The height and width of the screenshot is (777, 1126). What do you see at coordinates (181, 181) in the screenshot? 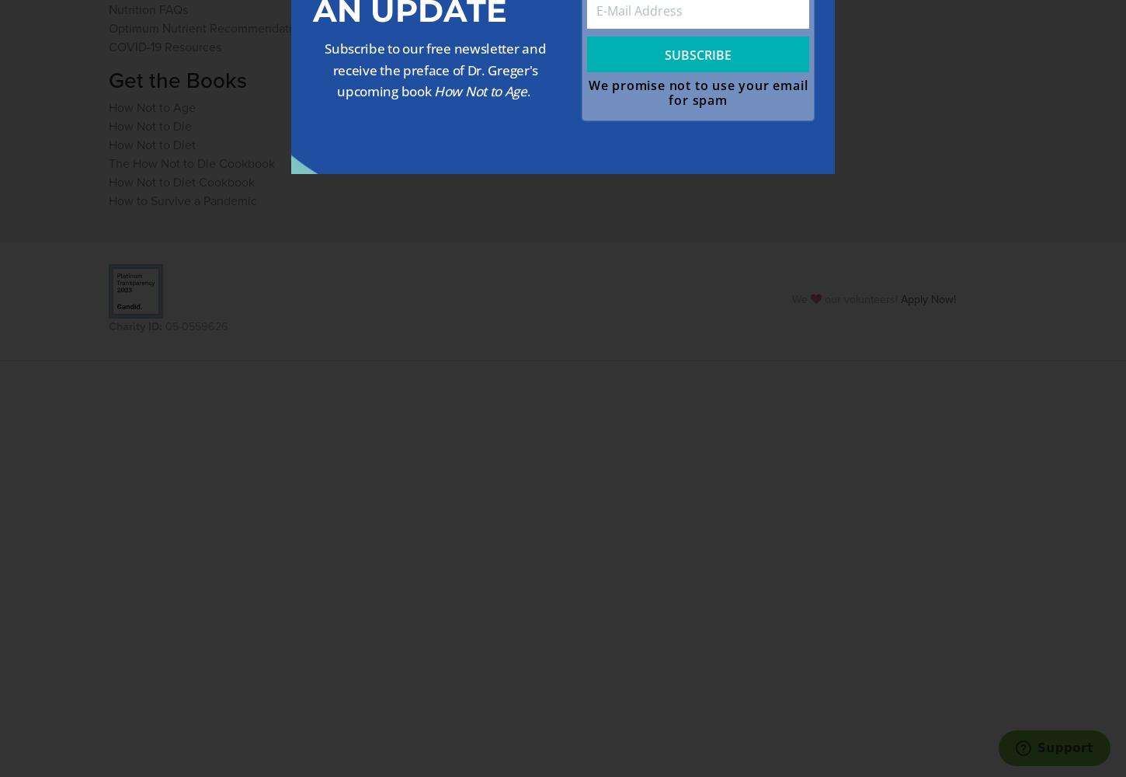
I see `'How Not to Diet Cookbook'` at bounding box center [181, 181].